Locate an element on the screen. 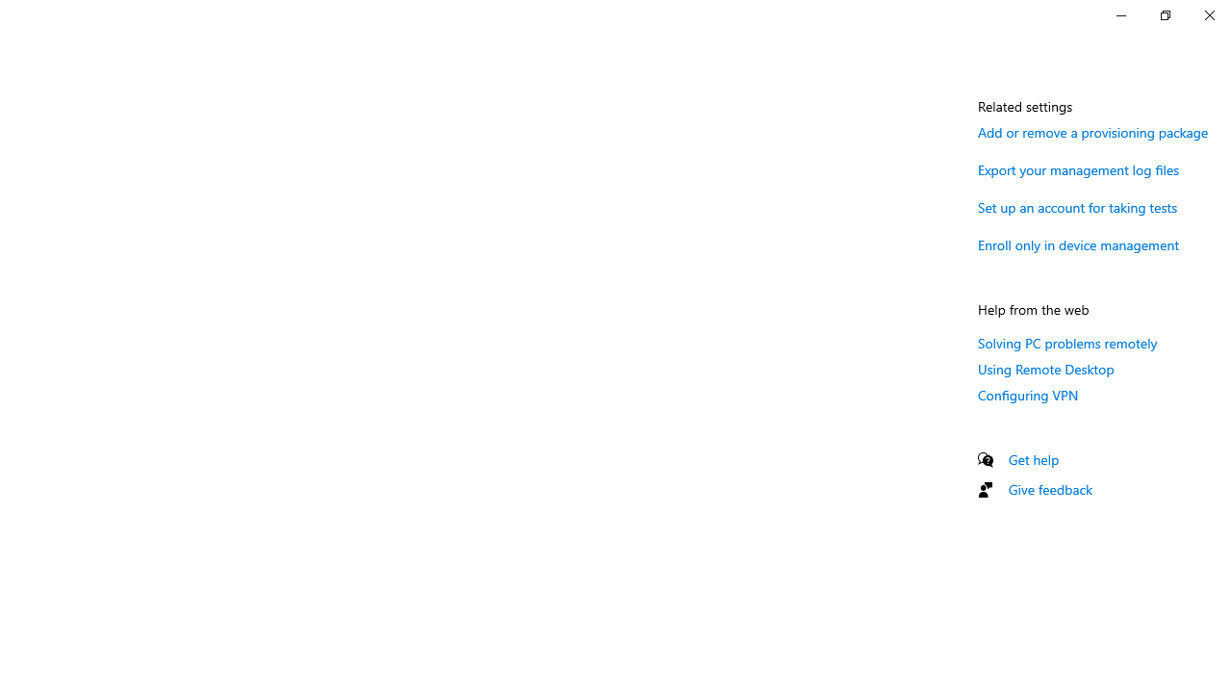 This screenshot has width=1232, height=693. 'Close Settings' is located at coordinates (1208, 14).